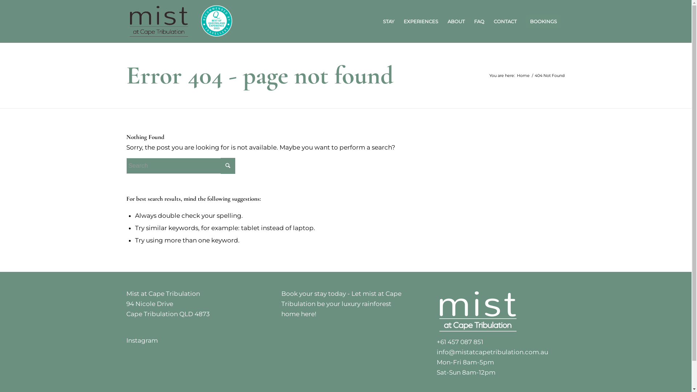 The height and width of the screenshot is (392, 697). Describe the element at coordinates (308, 313) in the screenshot. I see `'here!'` at that location.